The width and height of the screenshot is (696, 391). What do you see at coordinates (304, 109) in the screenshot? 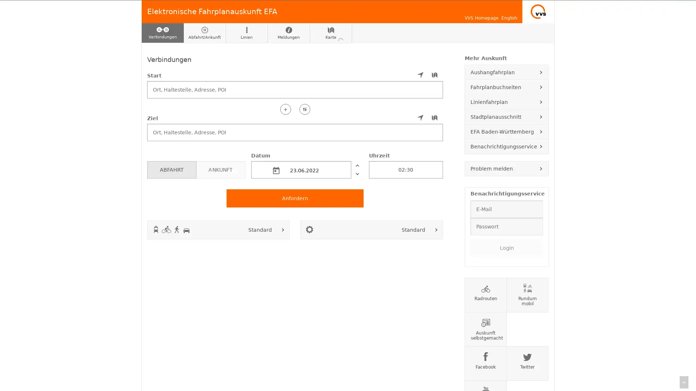
I see `Start und Ziel tauschen` at bounding box center [304, 109].